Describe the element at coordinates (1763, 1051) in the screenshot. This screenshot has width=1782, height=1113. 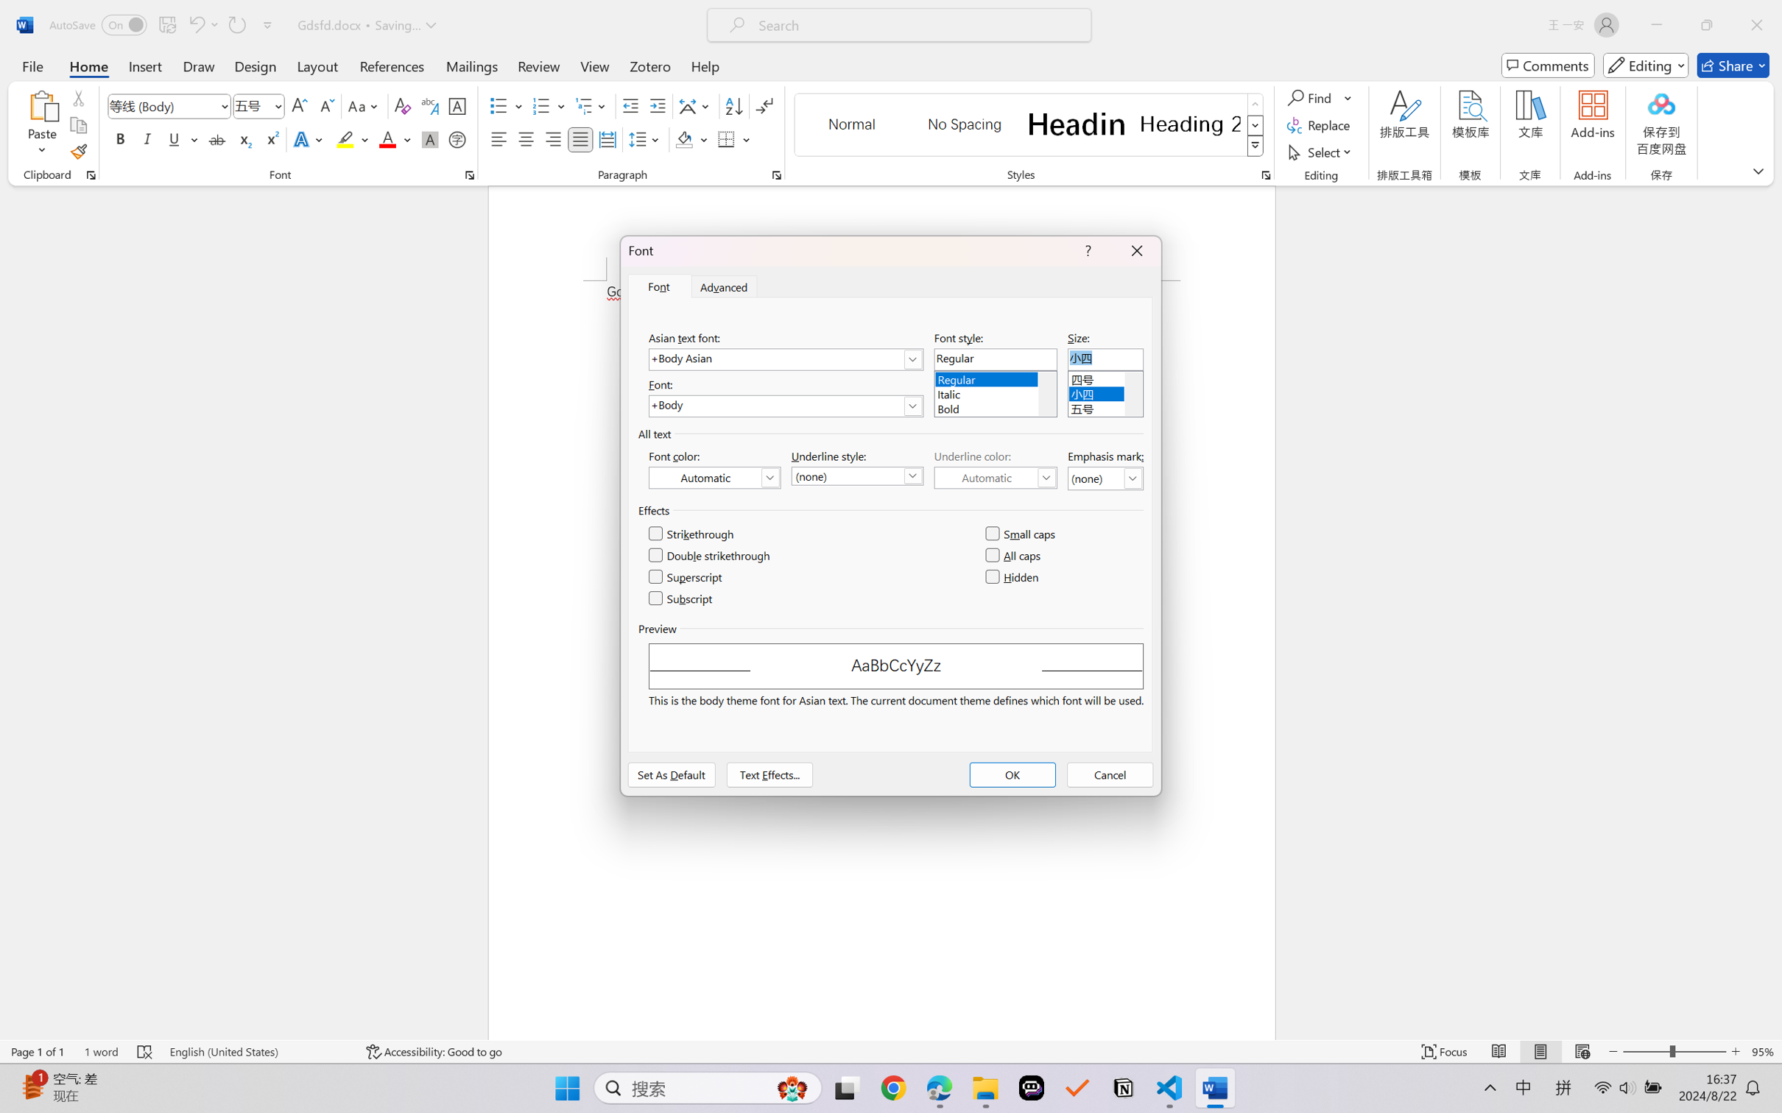
I see `'Zoom 95%'` at that location.